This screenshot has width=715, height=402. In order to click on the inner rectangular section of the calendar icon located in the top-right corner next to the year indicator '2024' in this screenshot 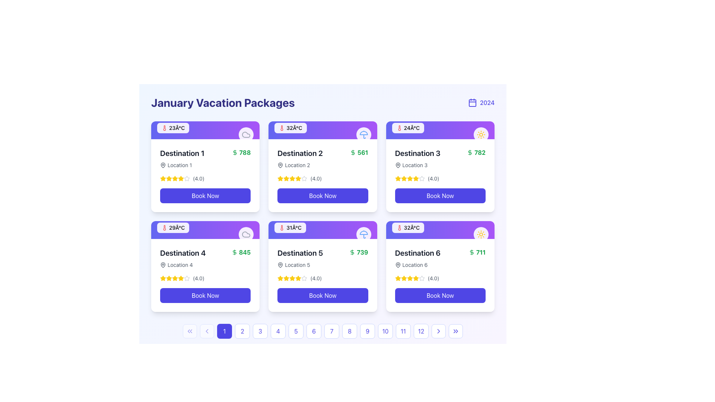, I will do `click(472, 103)`.